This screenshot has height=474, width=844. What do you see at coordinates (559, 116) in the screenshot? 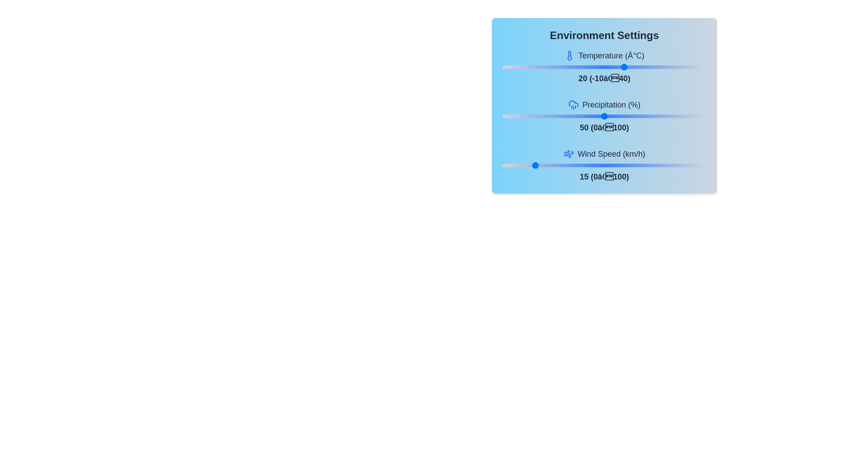
I see `the precipitation level` at bounding box center [559, 116].